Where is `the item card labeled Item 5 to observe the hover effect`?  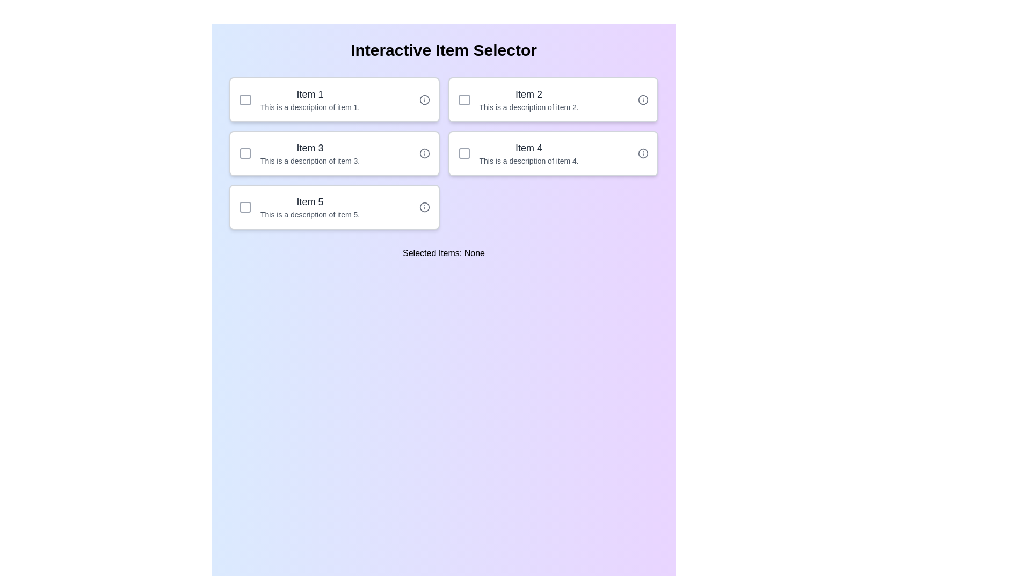 the item card labeled Item 5 to observe the hover effect is located at coordinates (333, 207).